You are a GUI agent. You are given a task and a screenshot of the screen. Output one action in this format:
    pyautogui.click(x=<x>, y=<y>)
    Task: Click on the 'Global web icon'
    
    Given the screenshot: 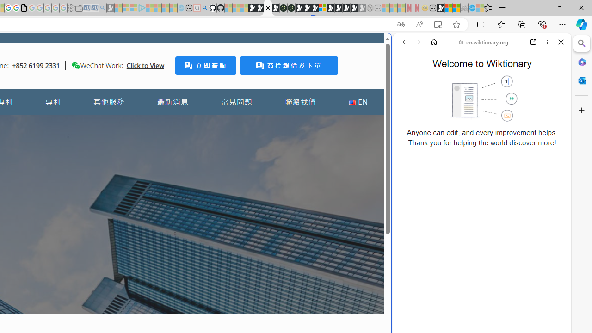 What is the action you would take?
    pyautogui.click(x=410, y=309)
    